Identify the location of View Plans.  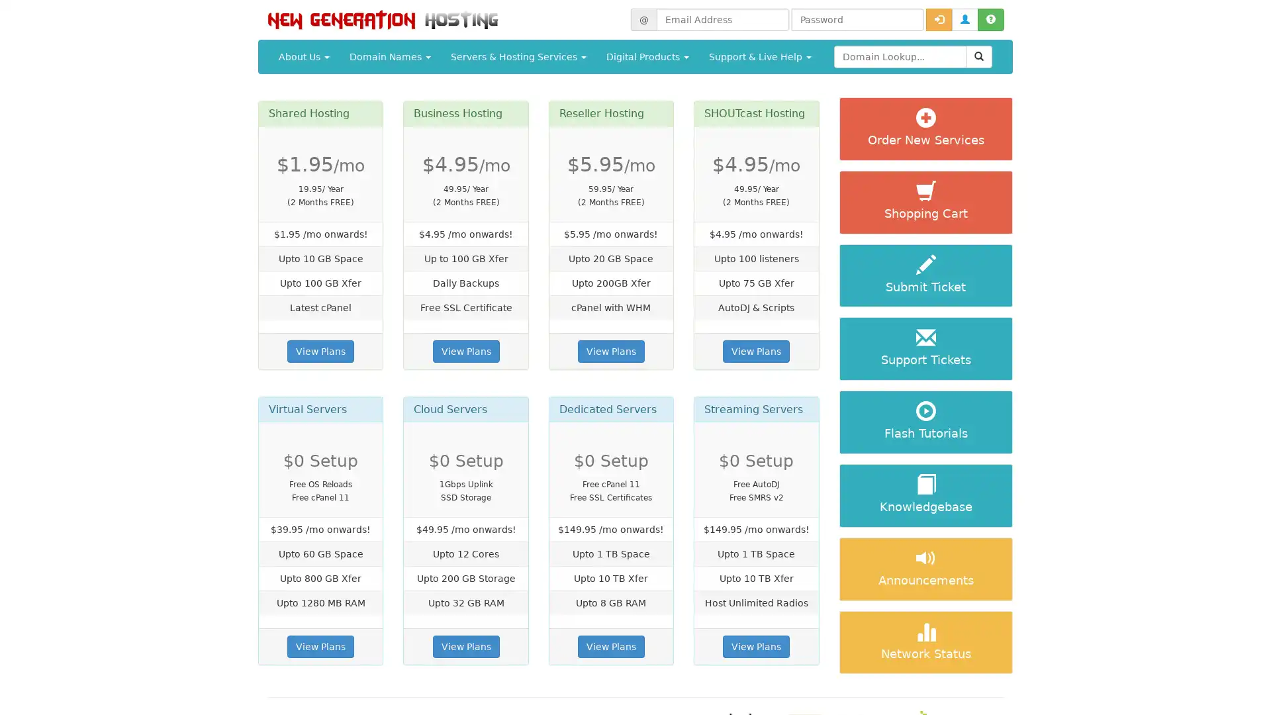
(465, 645).